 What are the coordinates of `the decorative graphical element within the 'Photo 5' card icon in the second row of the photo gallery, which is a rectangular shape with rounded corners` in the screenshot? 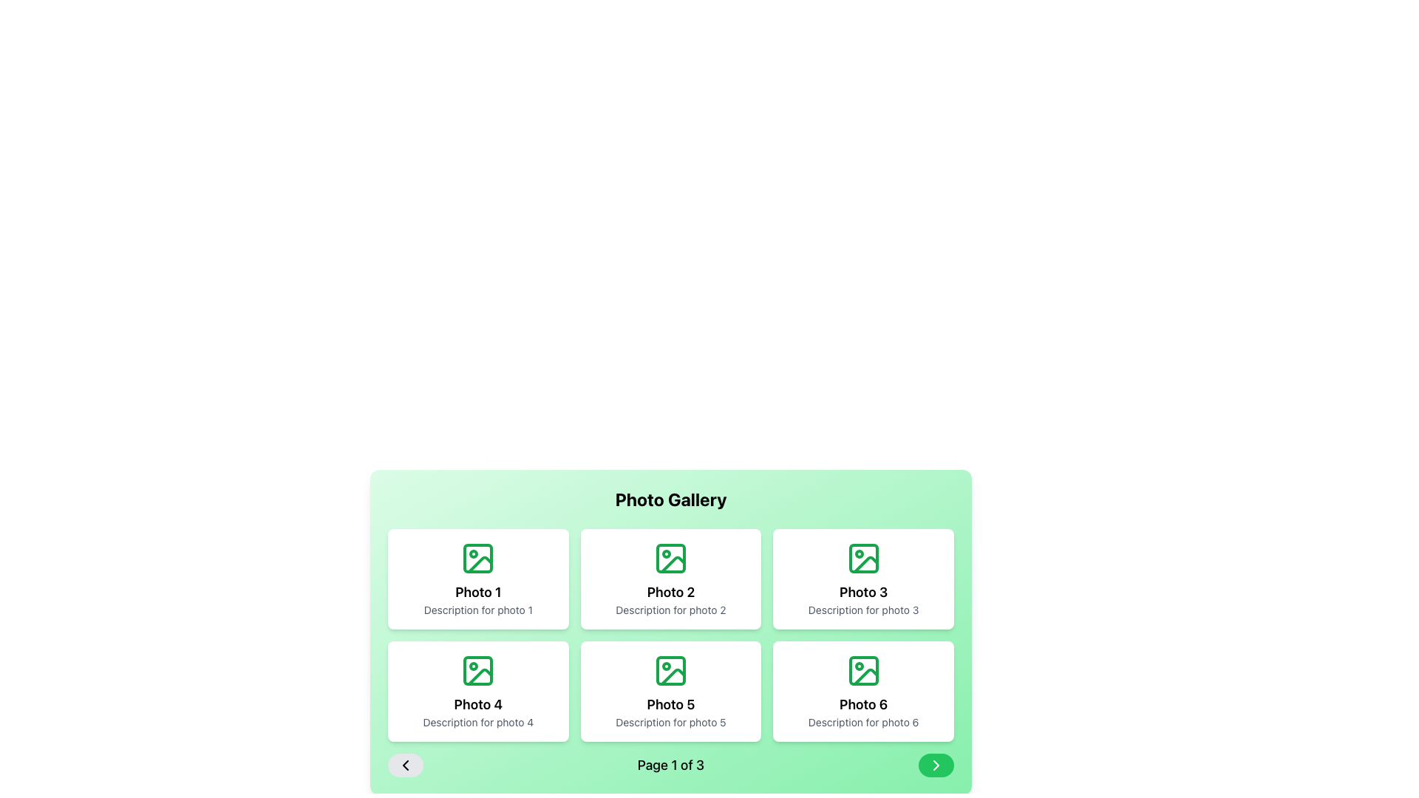 It's located at (670, 670).